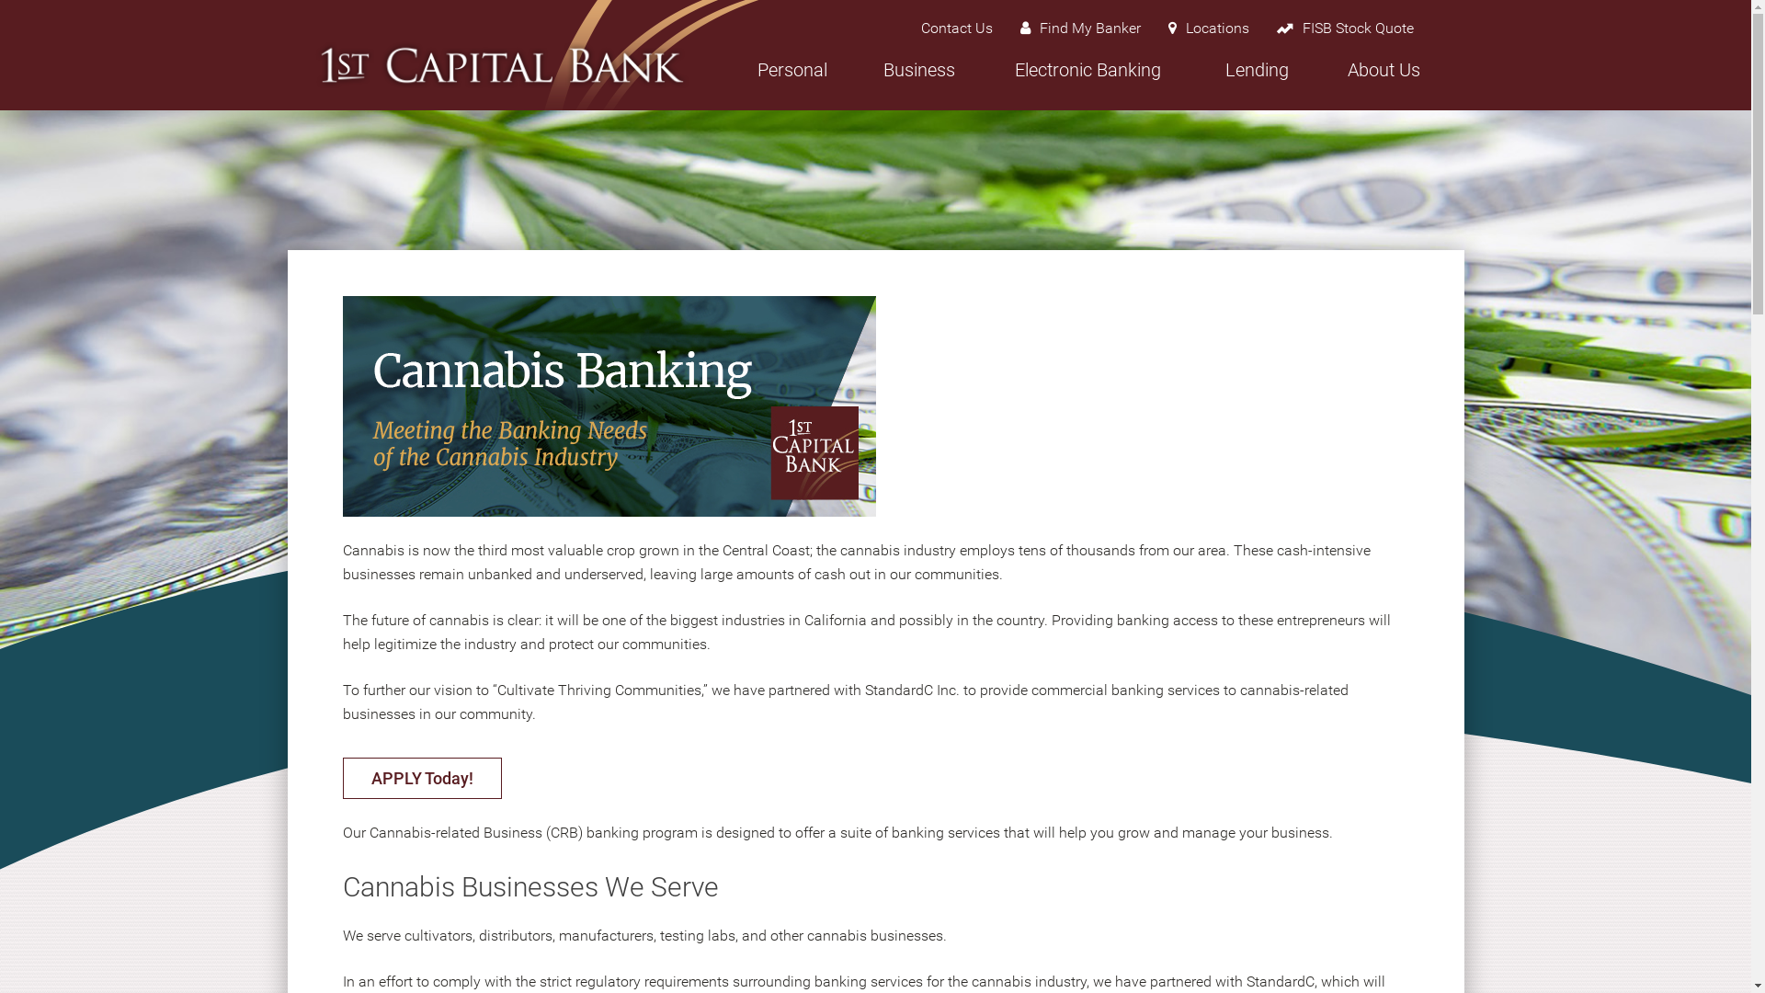 The image size is (1765, 993). I want to click on 'Find My Banker', so click(1005, 28).